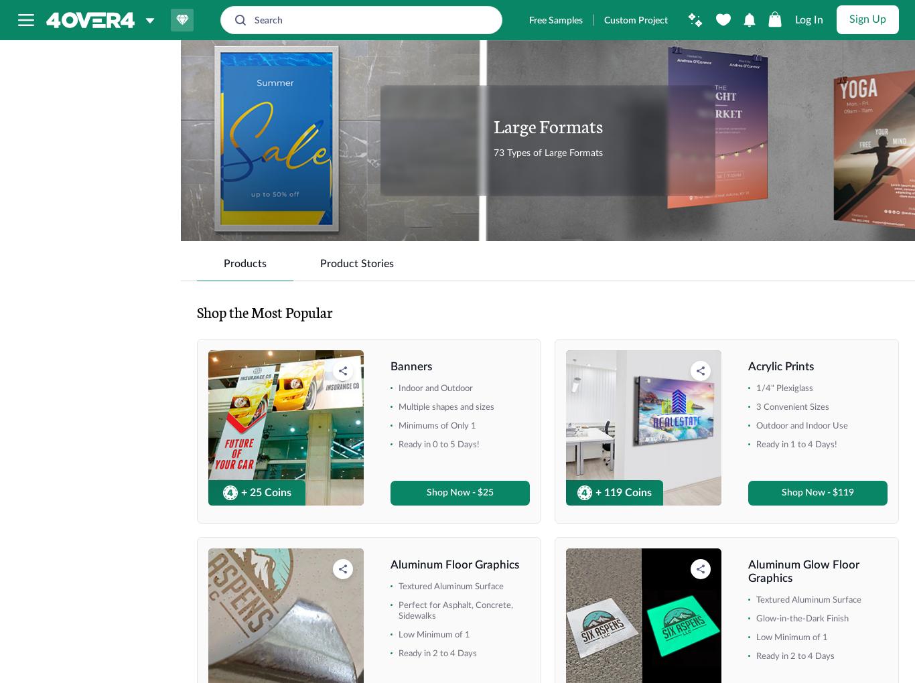 The width and height of the screenshot is (915, 683). What do you see at coordinates (56, 339) in the screenshot?
I see `'12" Circle'` at bounding box center [56, 339].